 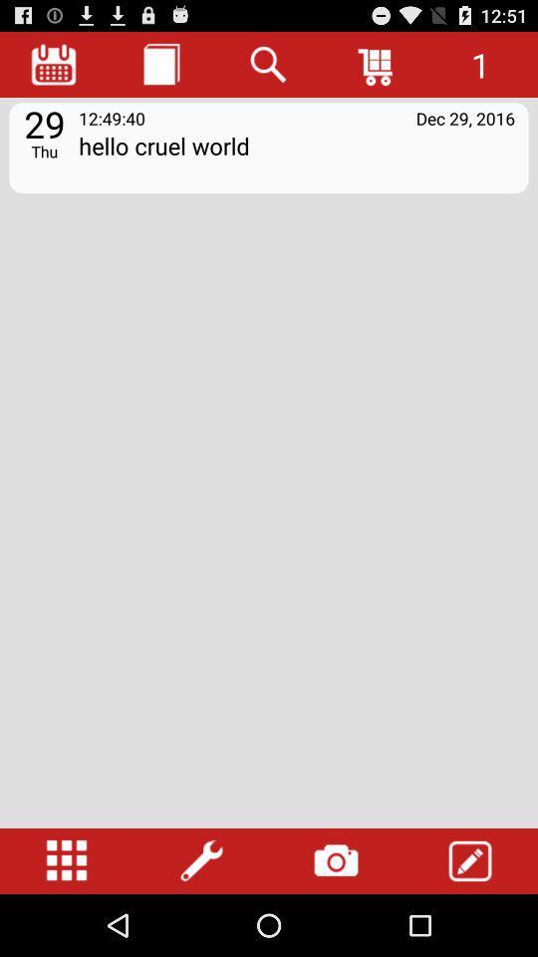 What do you see at coordinates (465, 118) in the screenshot?
I see `item to the right of the 12:49:40 item` at bounding box center [465, 118].